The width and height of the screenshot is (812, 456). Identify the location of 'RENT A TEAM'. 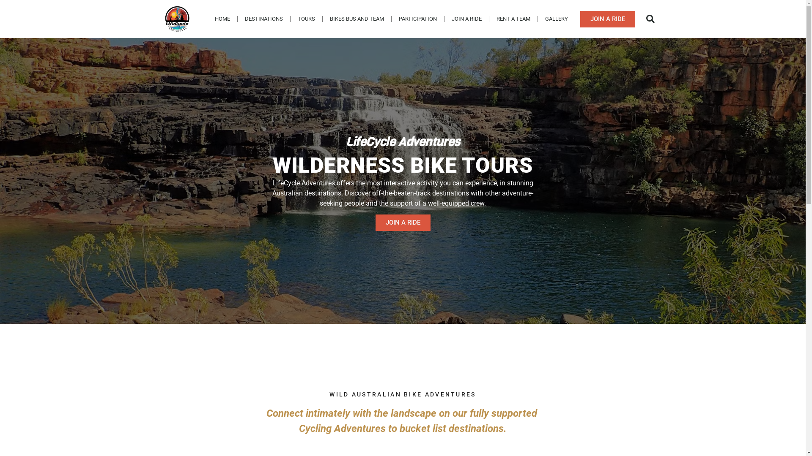
(513, 19).